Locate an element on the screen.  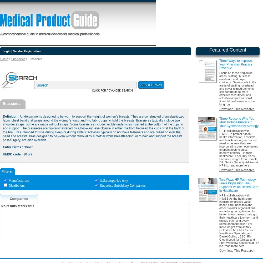
'Login' is located at coordinates (6, 51).